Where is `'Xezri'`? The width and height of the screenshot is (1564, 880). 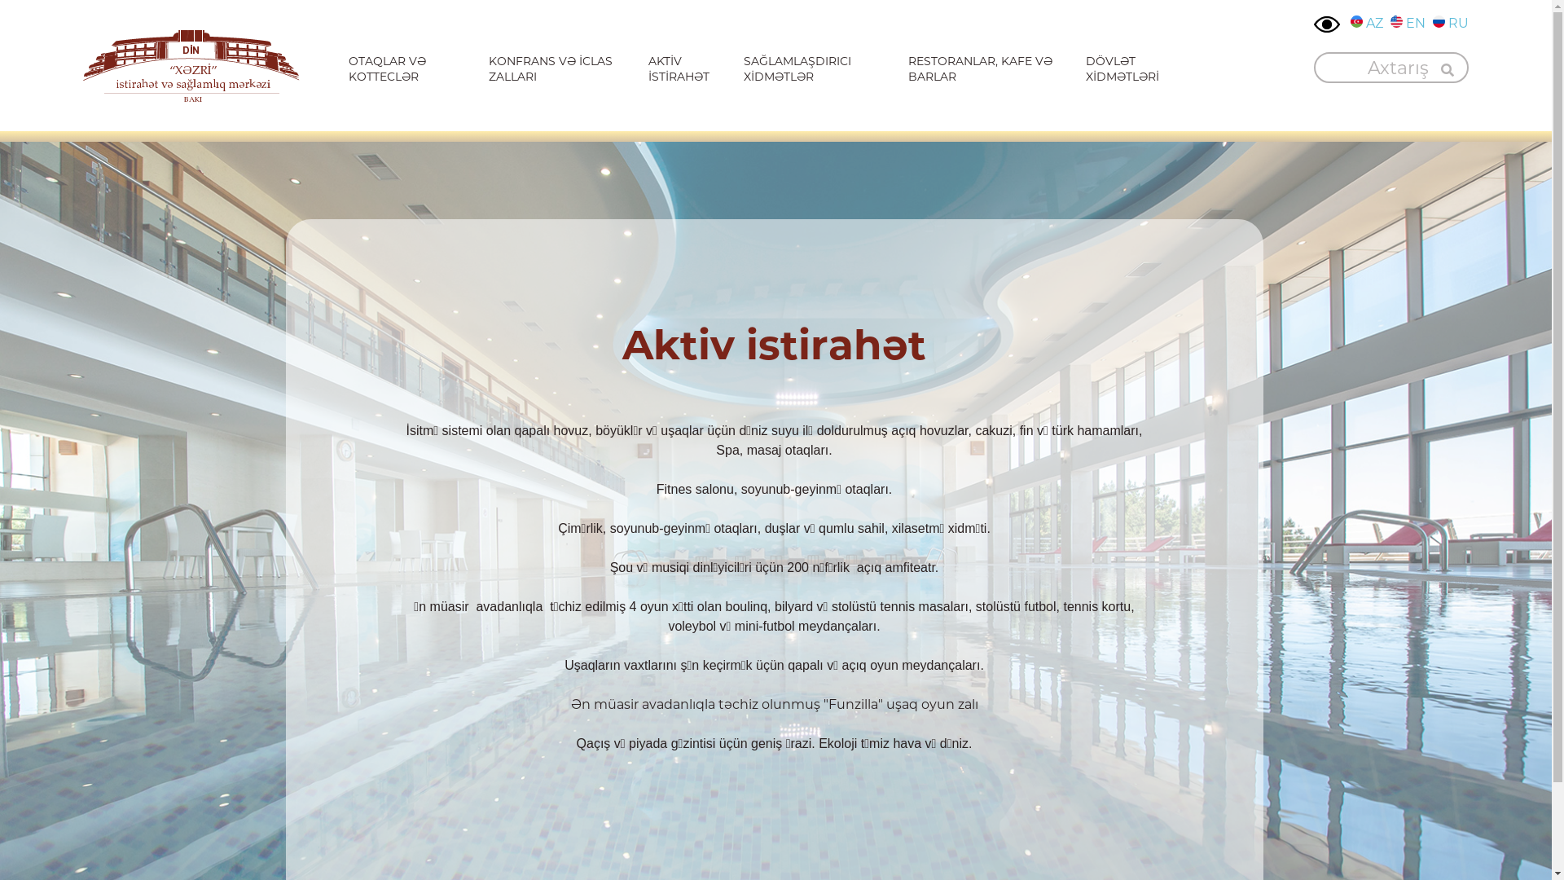 'Xezri' is located at coordinates (191, 65).